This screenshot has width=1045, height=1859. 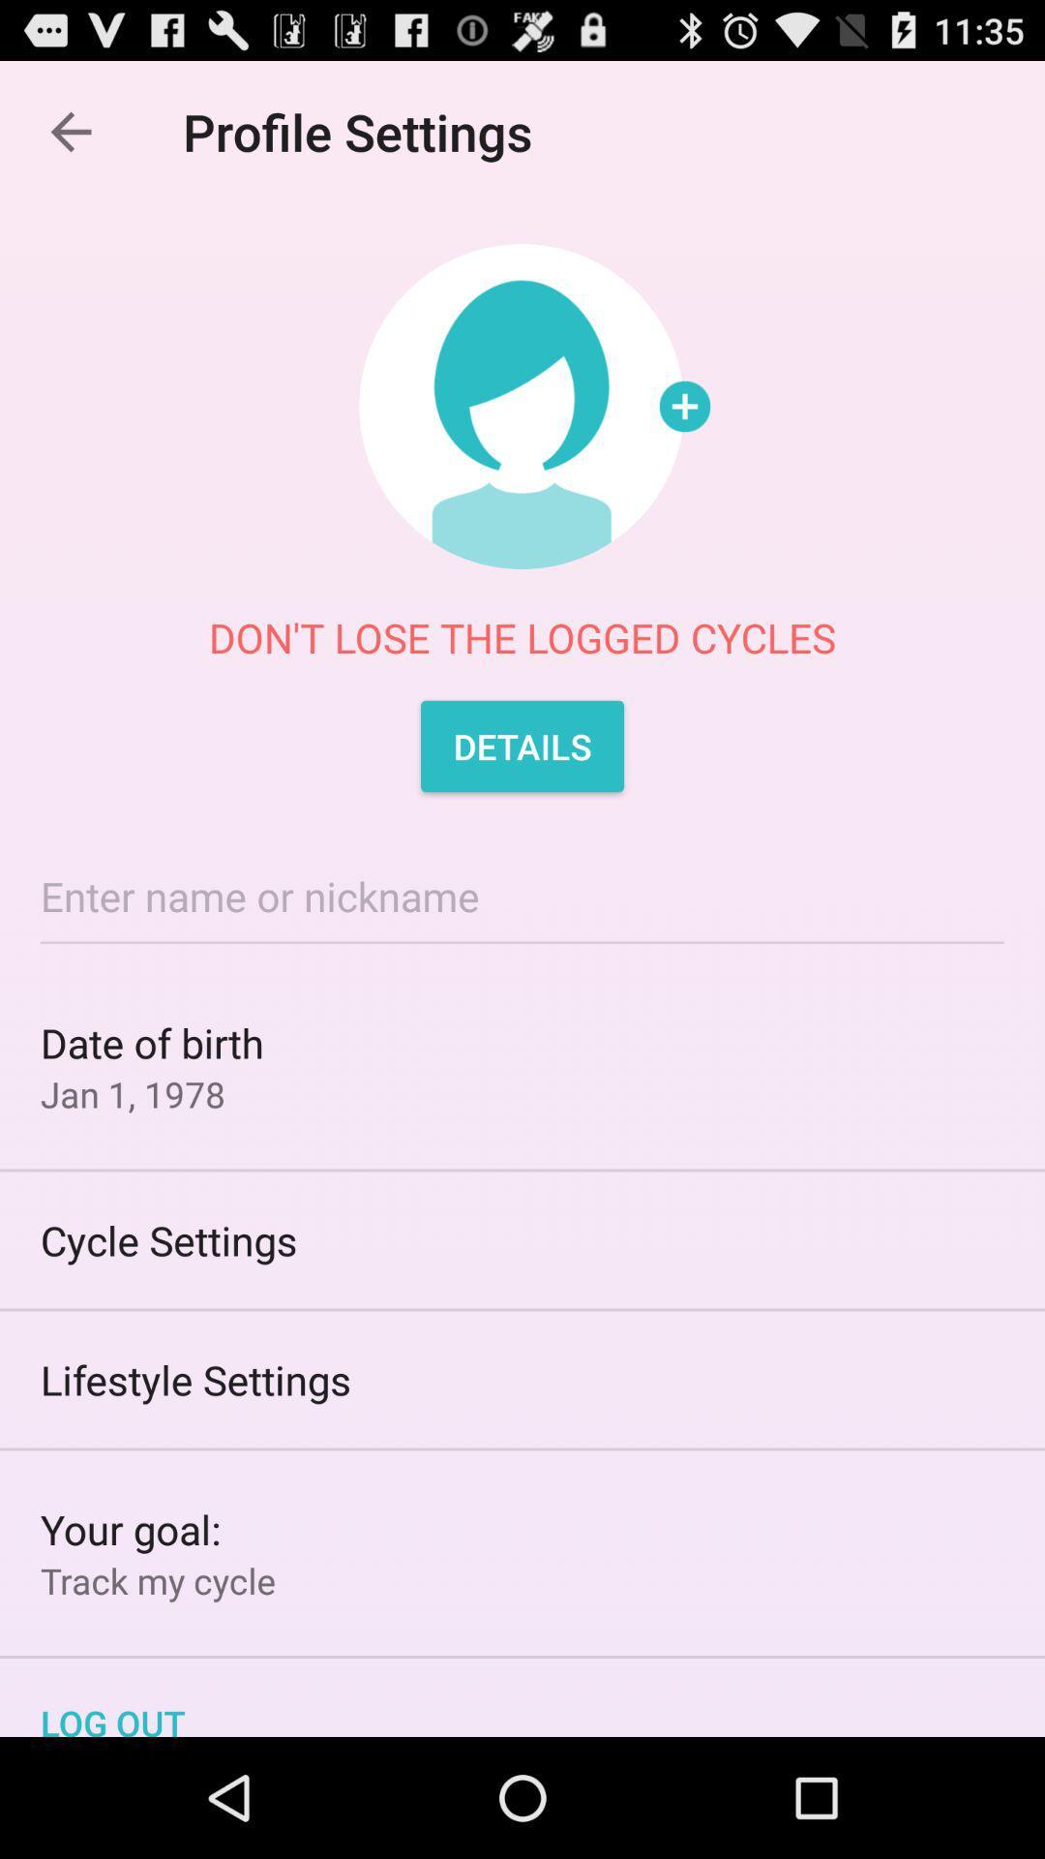 I want to click on name space, so click(x=522, y=895).